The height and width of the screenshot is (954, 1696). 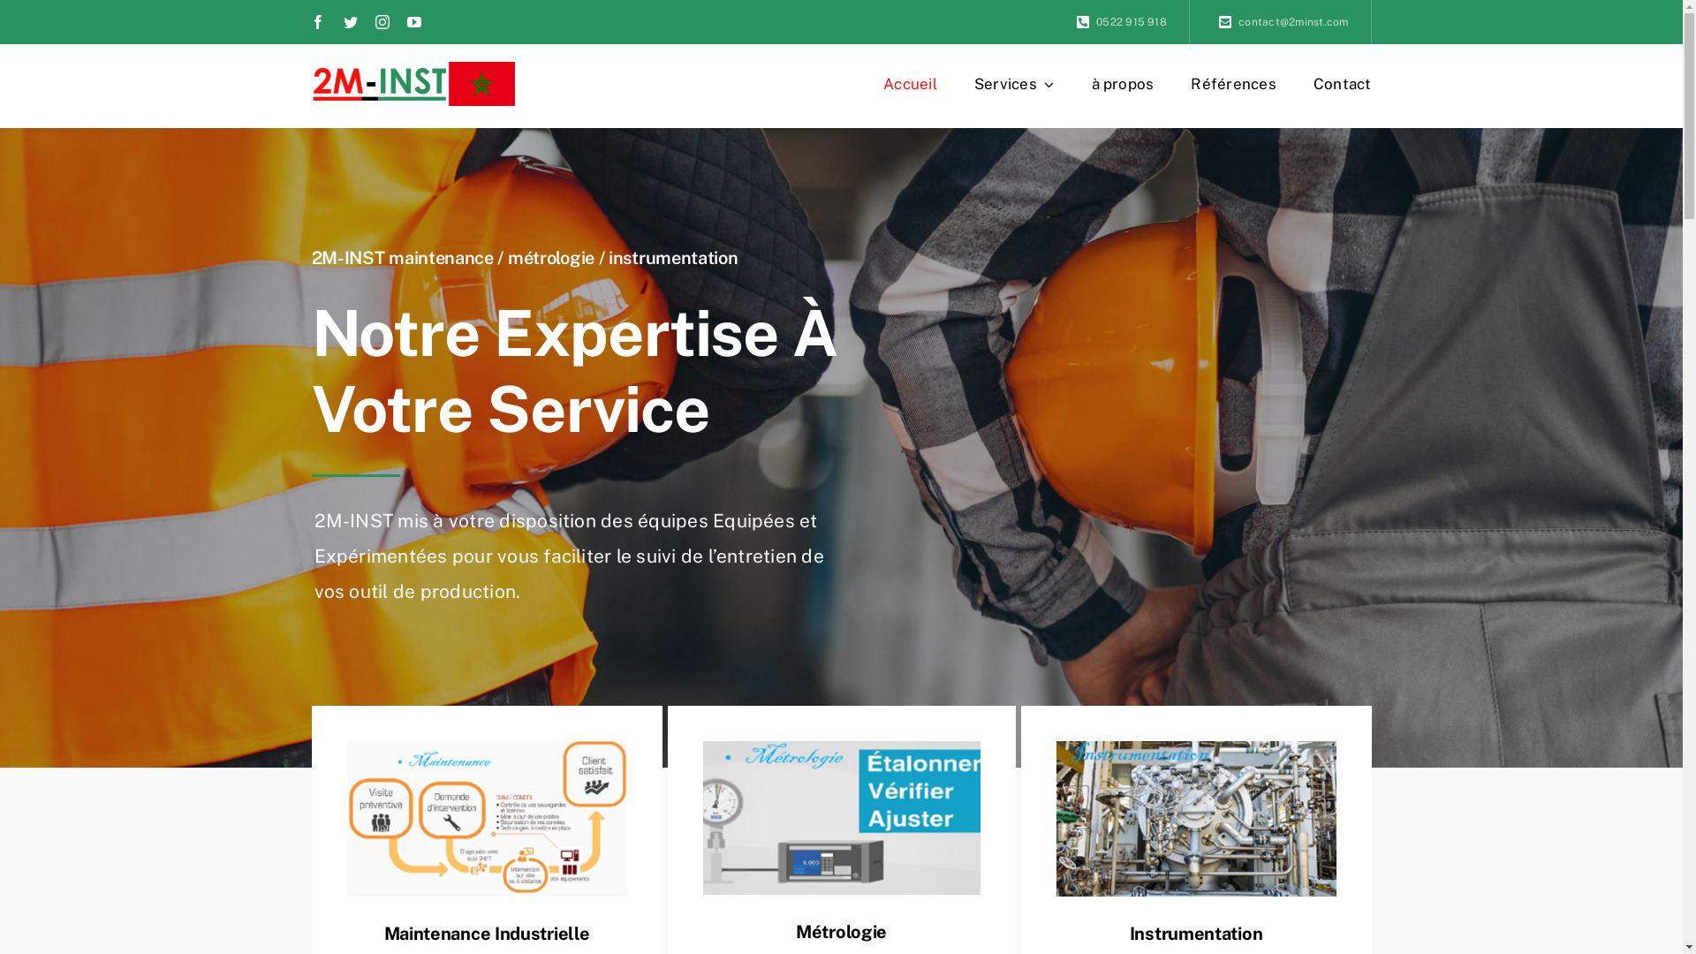 I want to click on 'Facebook', so click(x=318, y=21).